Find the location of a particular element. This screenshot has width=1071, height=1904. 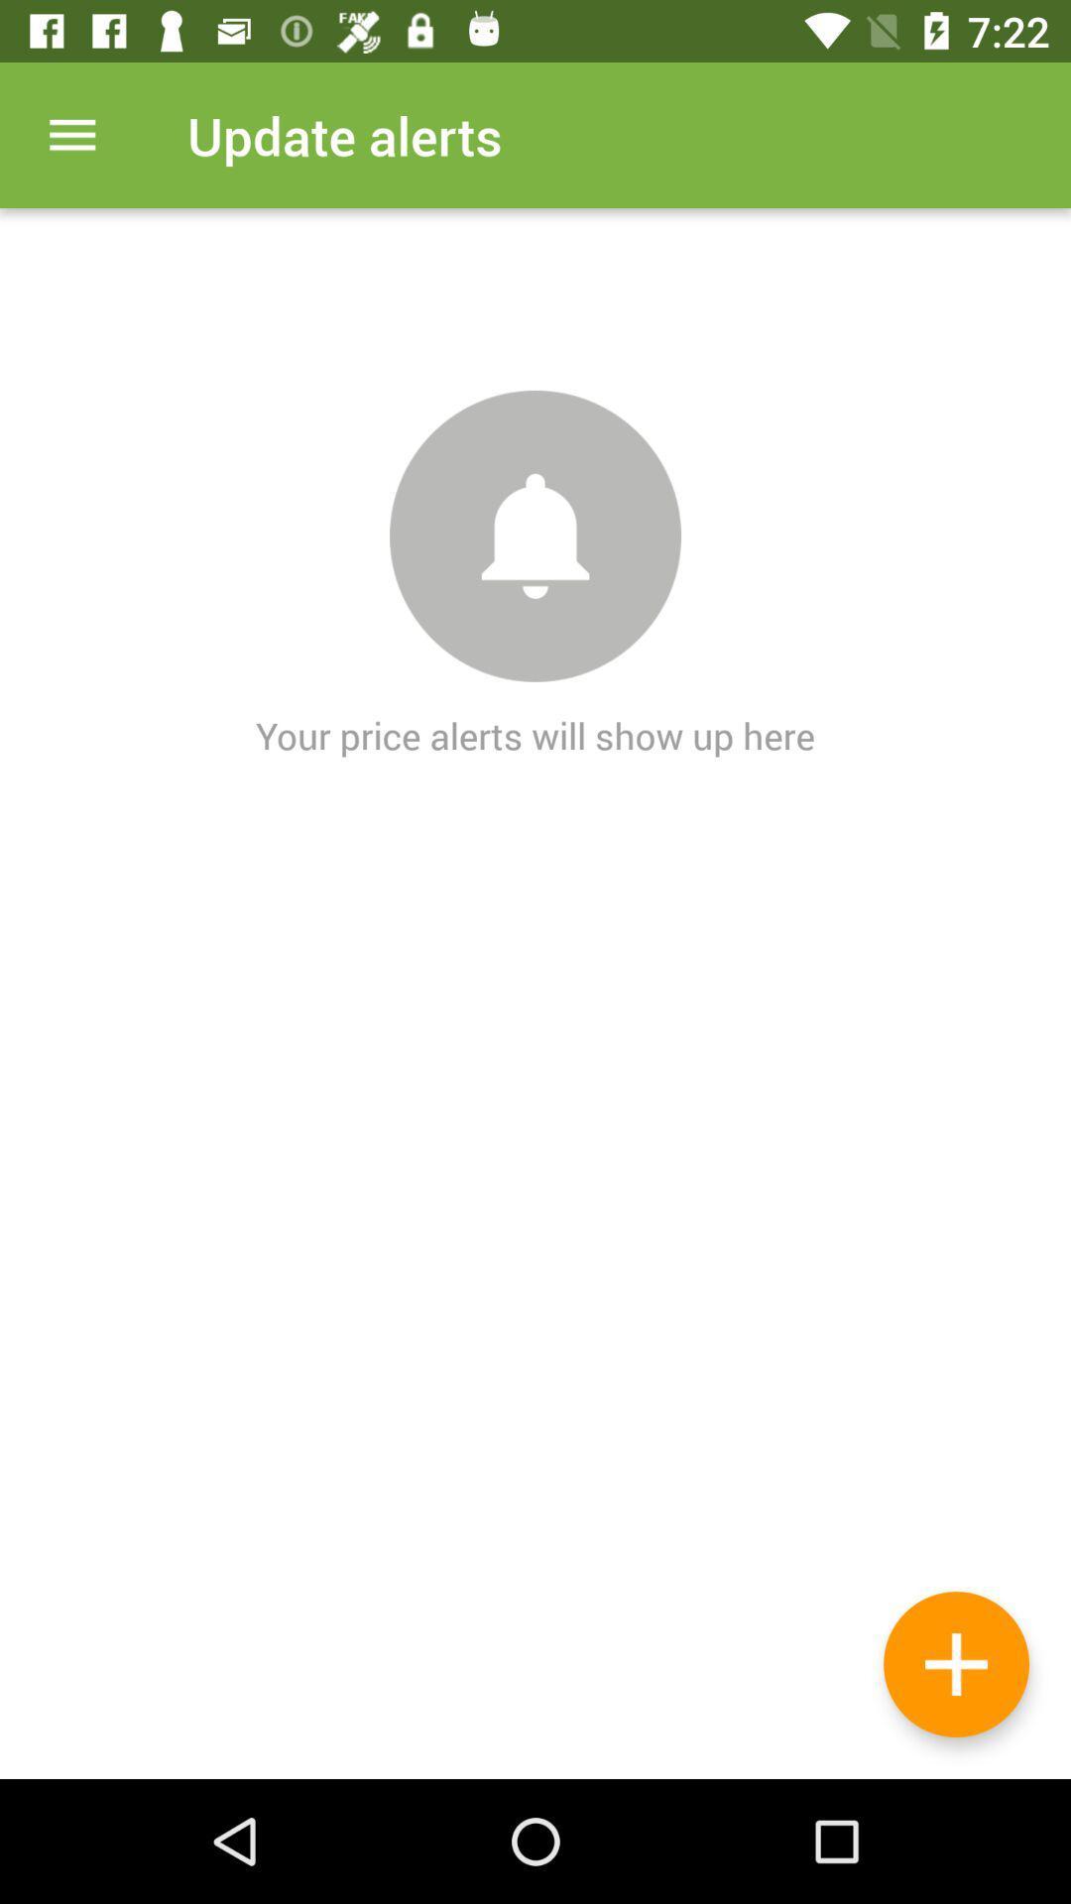

item to the left of update alerts is located at coordinates (71, 134).